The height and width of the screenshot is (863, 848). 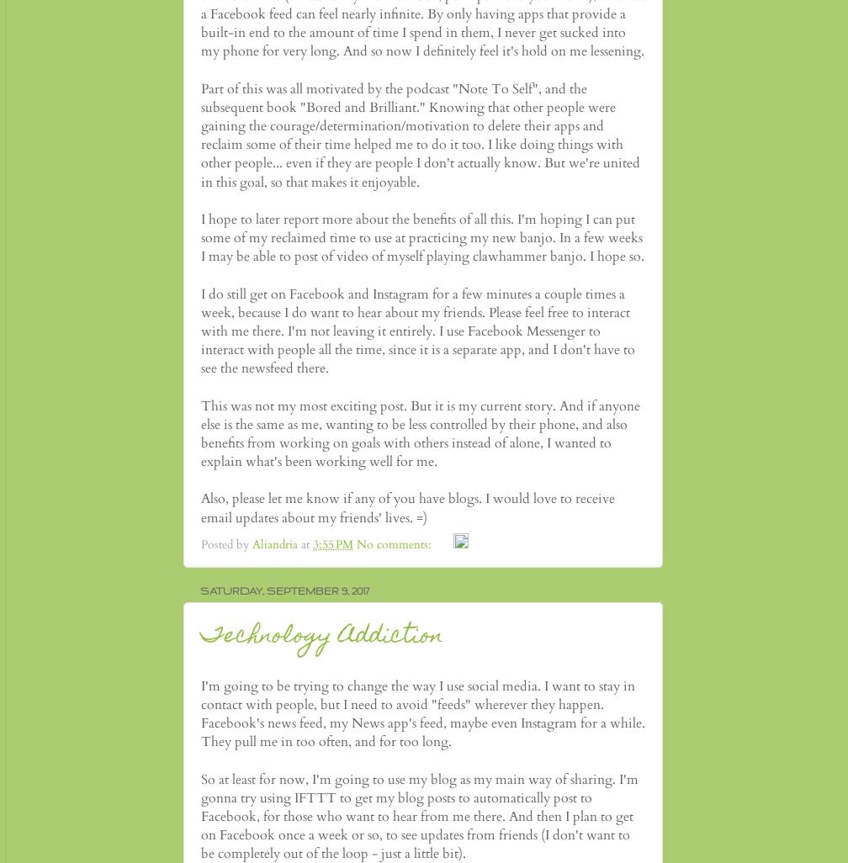 What do you see at coordinates (301, 544) in the screenshot?
I see `'at'` at bounding box center [301, 544].